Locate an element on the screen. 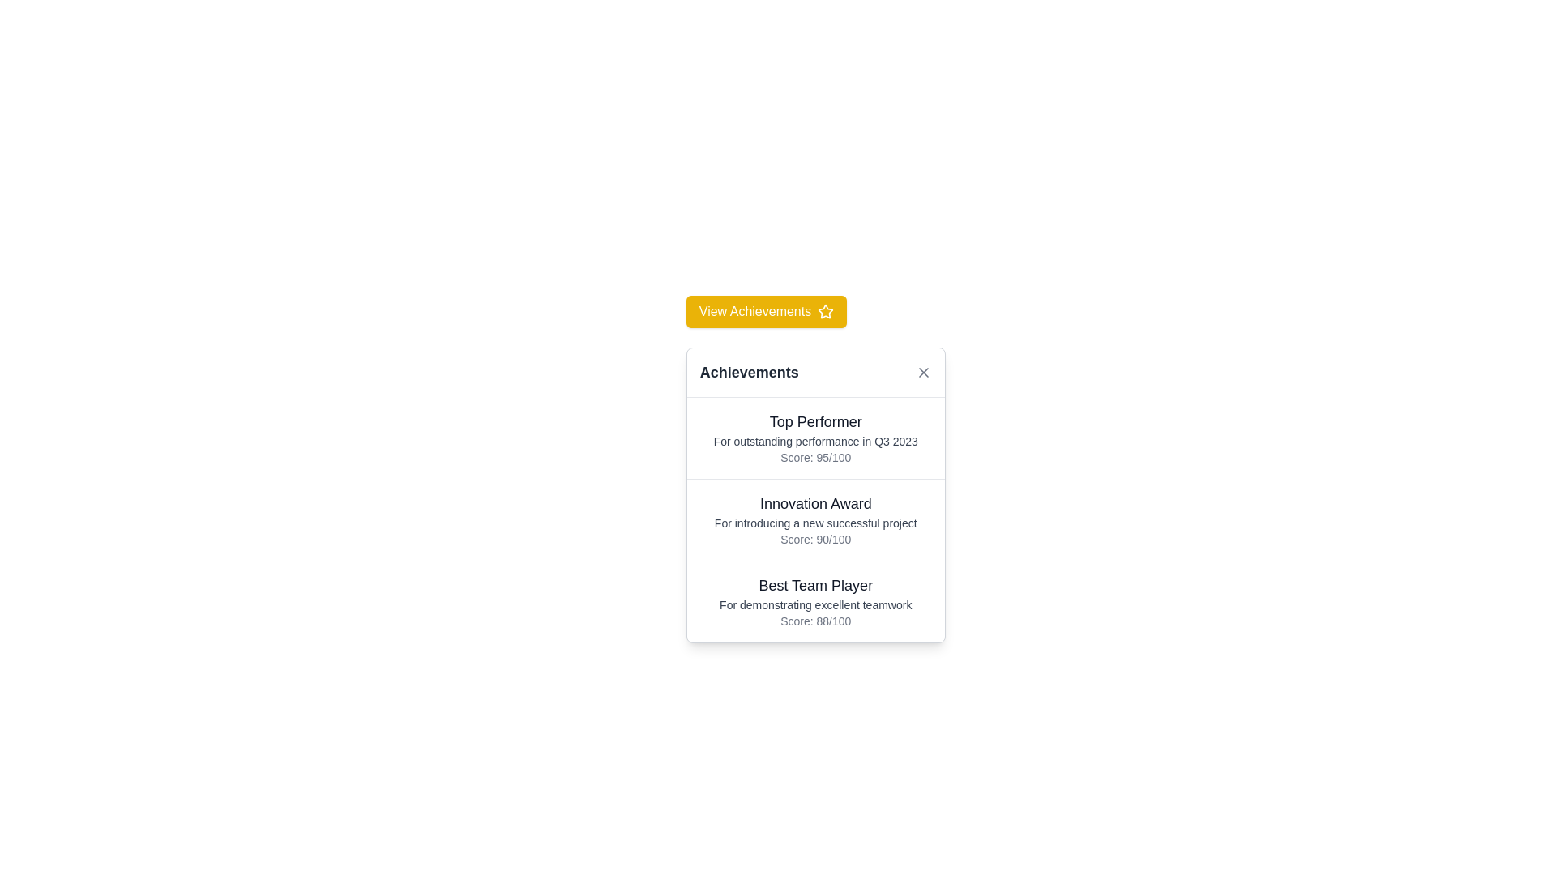 The width and height of the screenshot is (1556, 875). the Close Button (SVG) located at the top-right corner of the 'Achievements' card is located at coordinates (923, 372).